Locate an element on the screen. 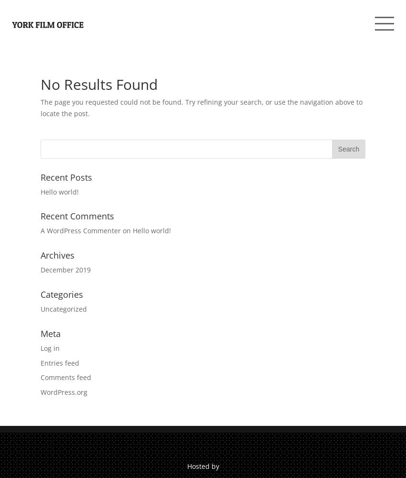  'Entries feed' is located at coordinates (59, 362).